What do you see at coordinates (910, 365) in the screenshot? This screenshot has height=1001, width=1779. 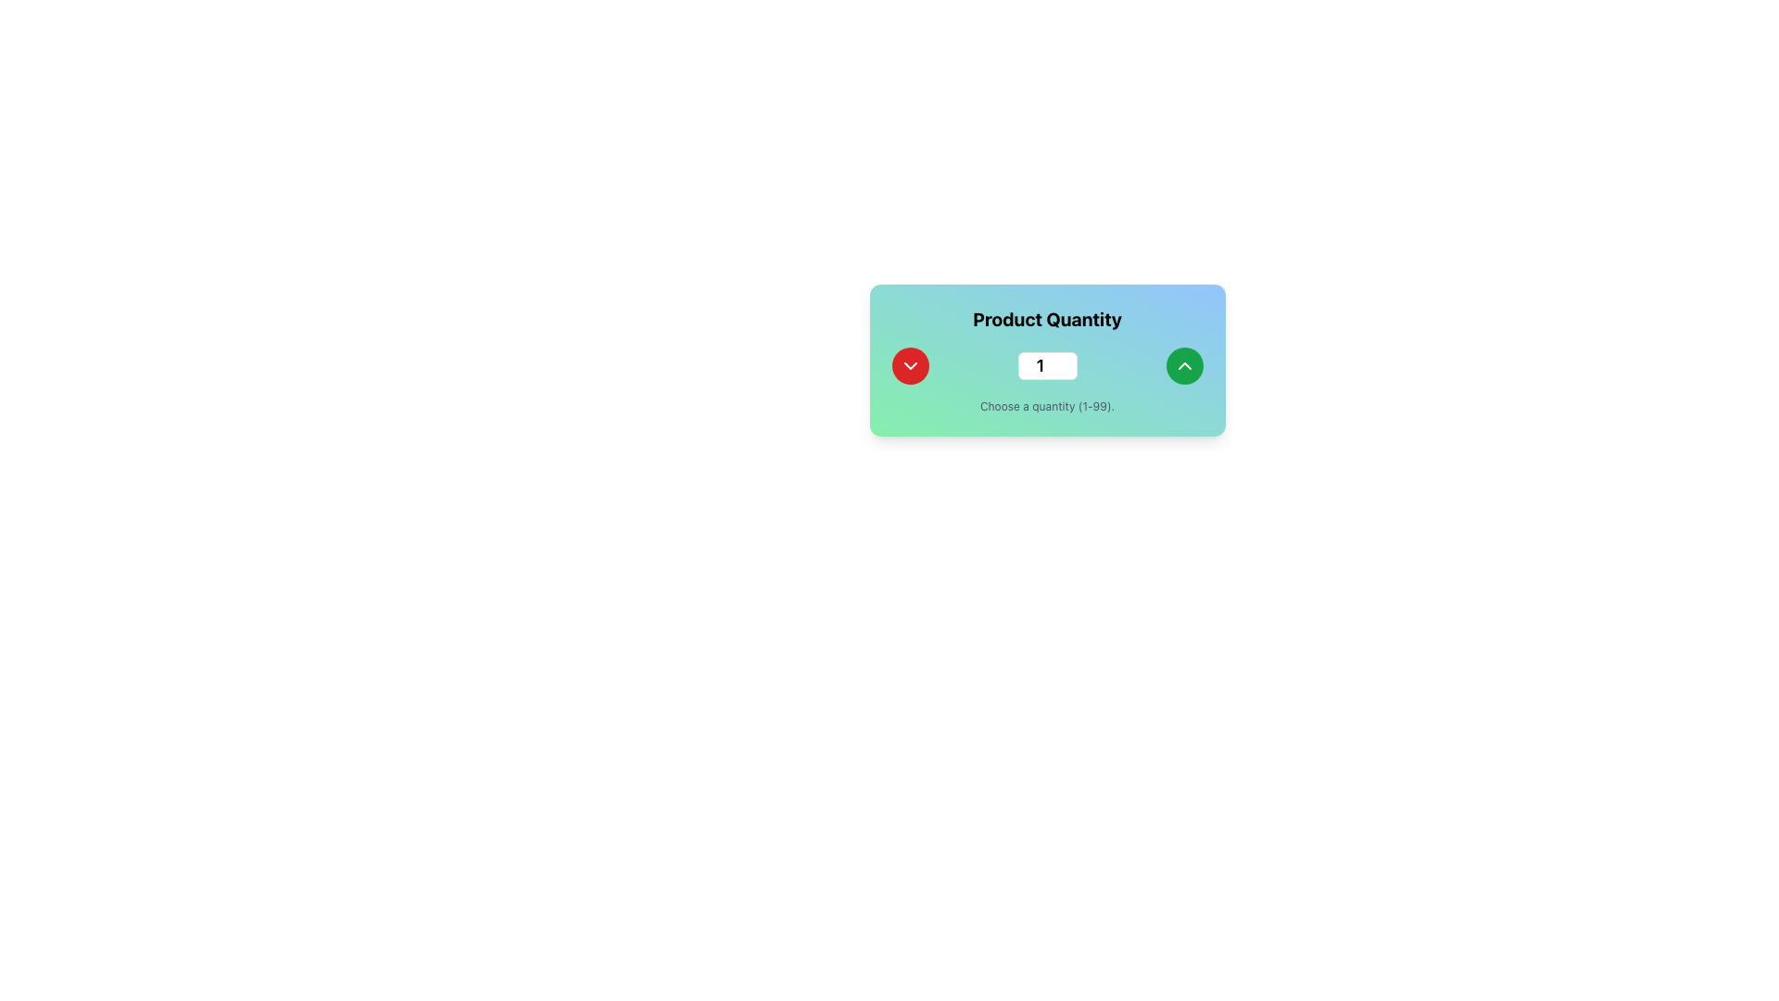 I see `the leftmost button that decreases the numeric value in the adjacent input field` at bounding box center [910, 365].